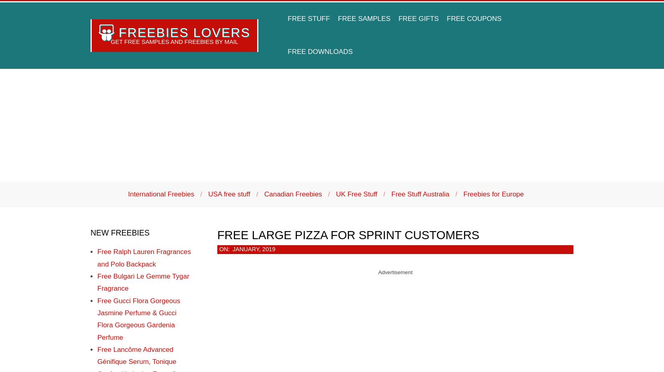  I want to click on 'Advertisement', so click(395, 272).